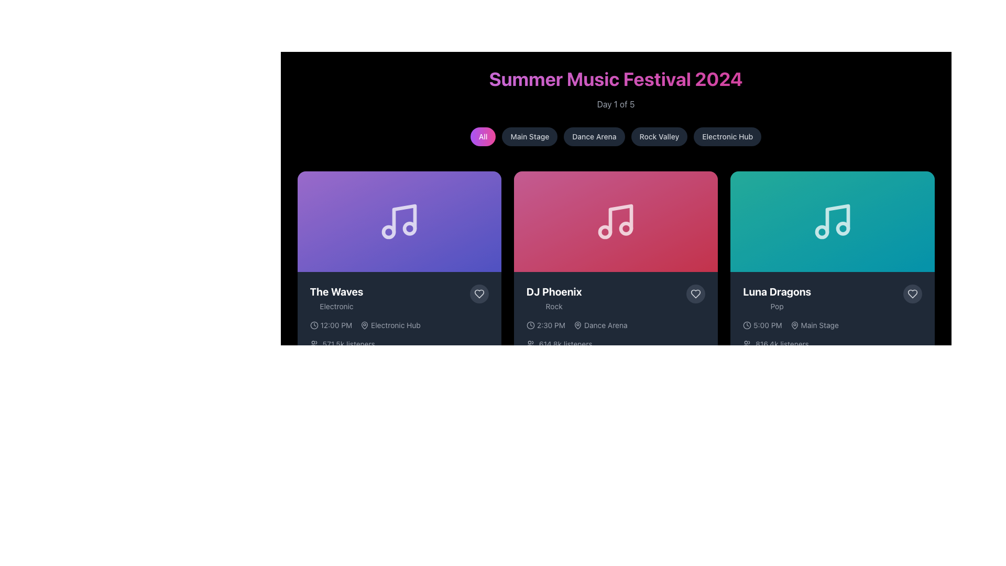  Describe the element at coordinates (837, 218) in the screenshot. I see `the vertical line of the musical note icon within the 'Luna Dragons' event card located at the top part of the card in the main row of event cards` at that location.